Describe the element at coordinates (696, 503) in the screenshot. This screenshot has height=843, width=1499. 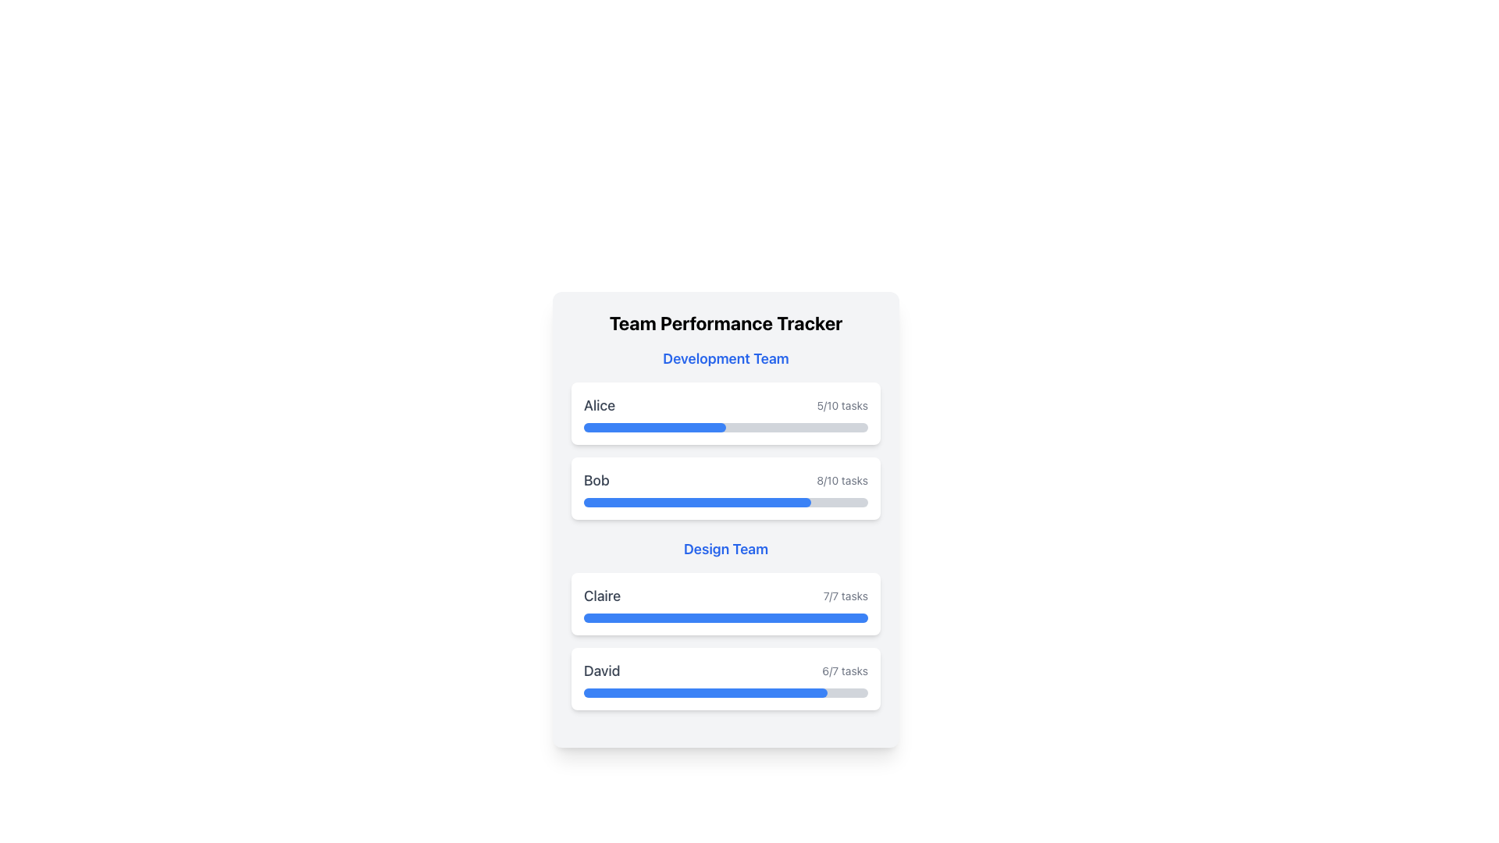
I see `the blue progress bar located in the 'Development Team' section, which is filled to approximately 80% and situated below the label 'Bob' and above the numerical indicator of 8/10 tasks` at that location.